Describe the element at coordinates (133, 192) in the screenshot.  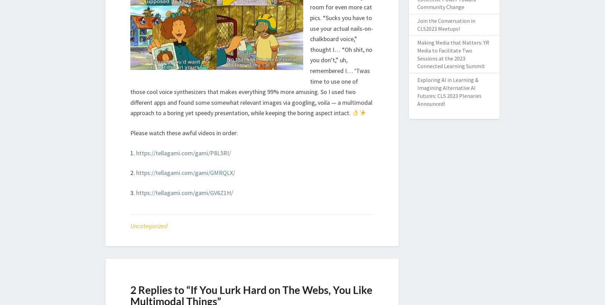
I see `'3.'` at that location.